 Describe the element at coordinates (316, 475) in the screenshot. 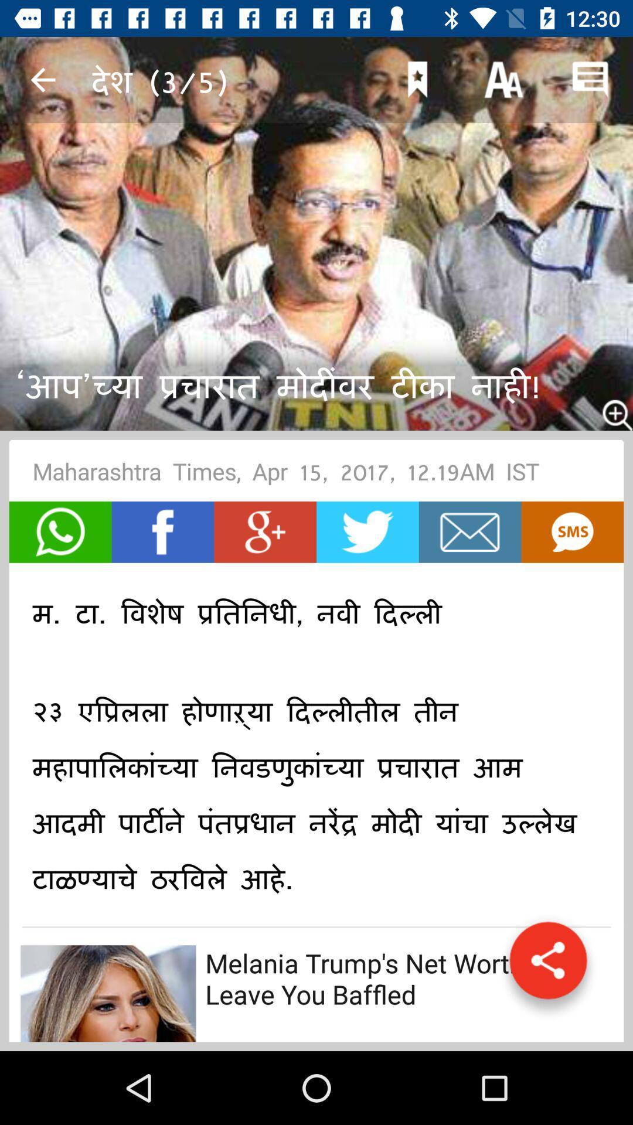

I see `maharashtra times apr icon` at that location.